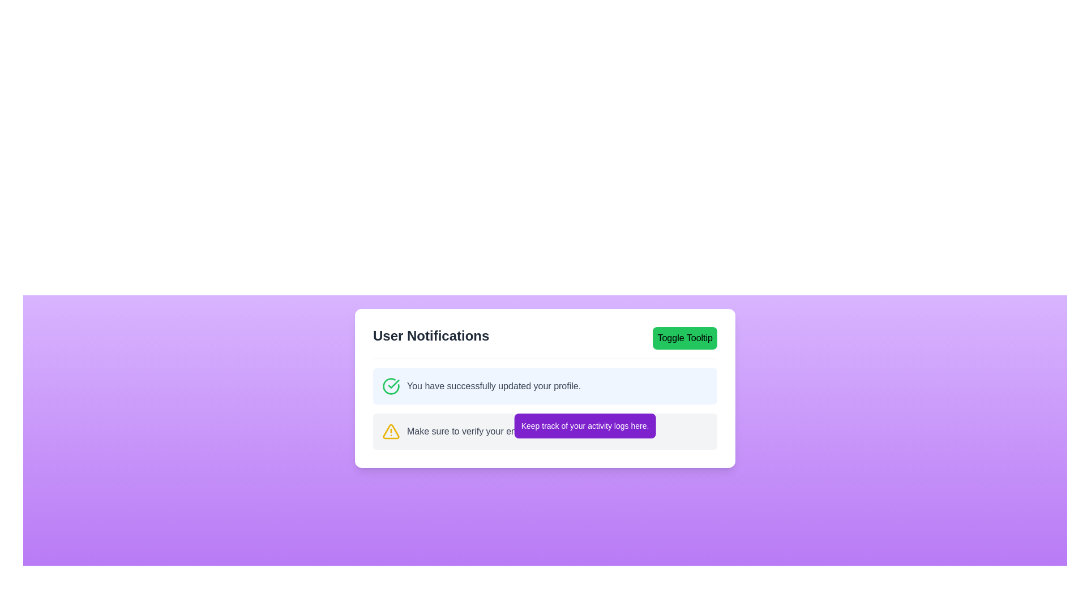 This screenshot has height=611, width=1087. I want to click on notification content displayed in the notification box titled 'User Notifications', specifically the second notification that informs about tracking activity logs and verifying email address, with a highlighted tooltip section for emphasis, so click(545, 408).